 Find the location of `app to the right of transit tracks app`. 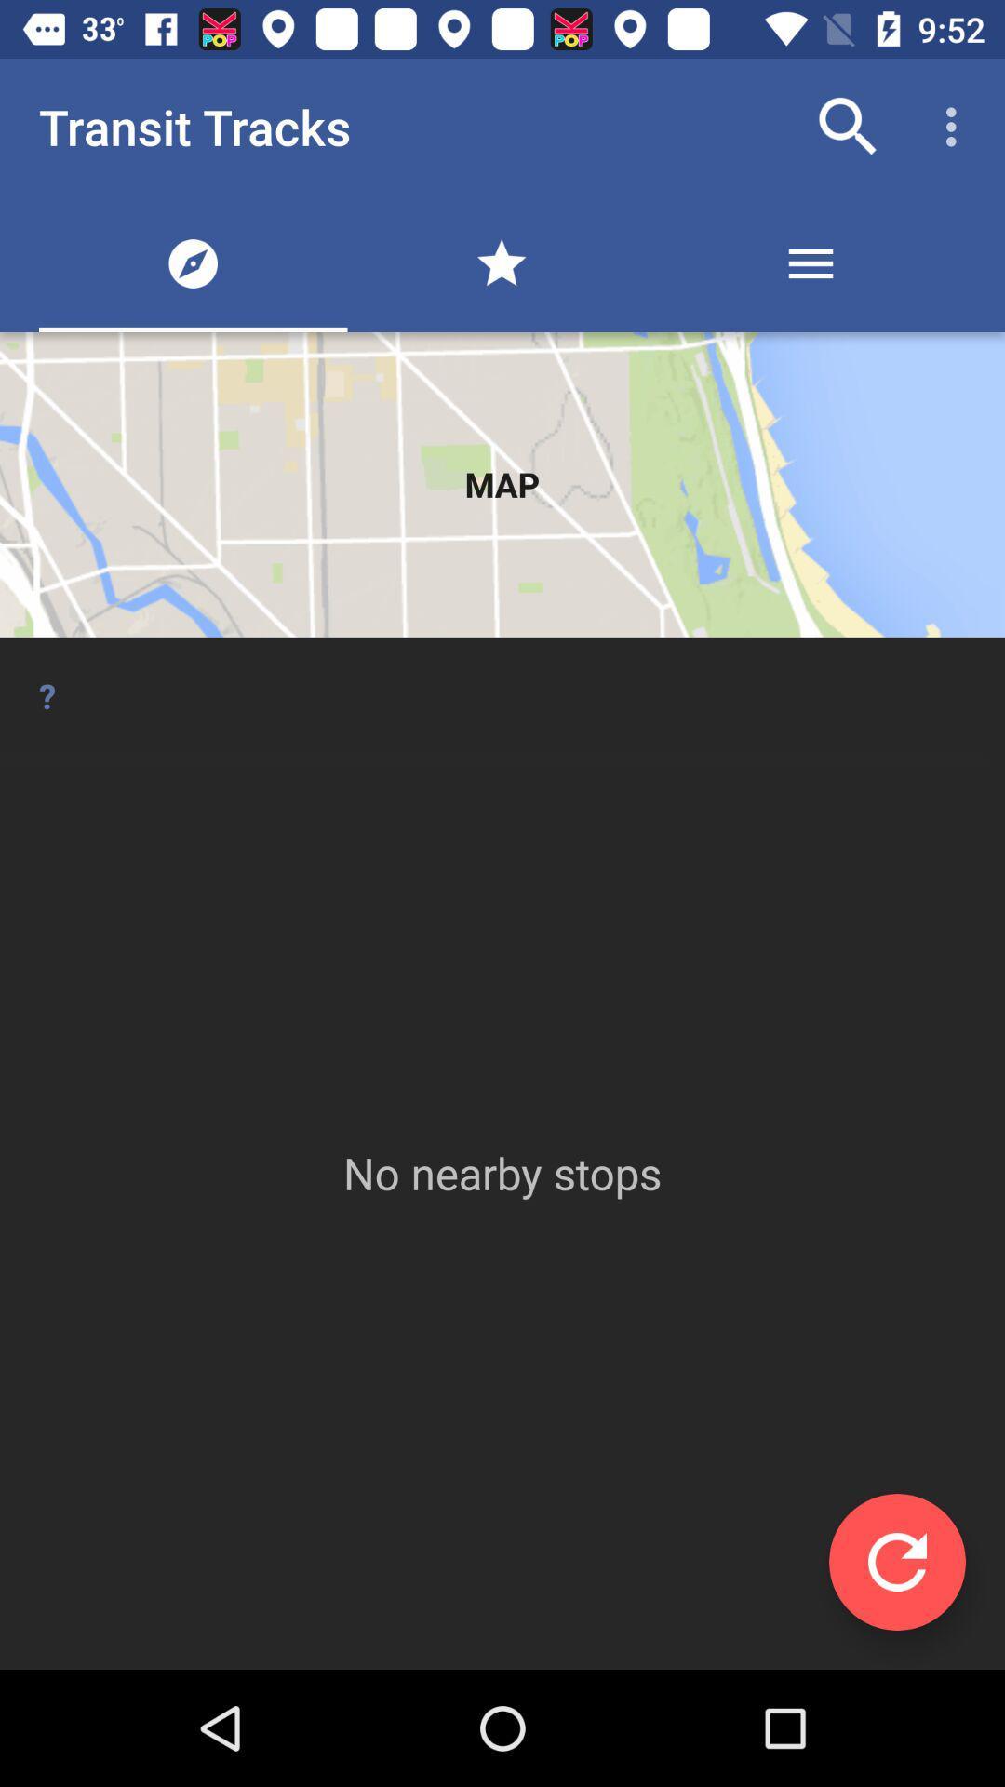

app to the right of transit tracks app is located at coordinates (848, 126).